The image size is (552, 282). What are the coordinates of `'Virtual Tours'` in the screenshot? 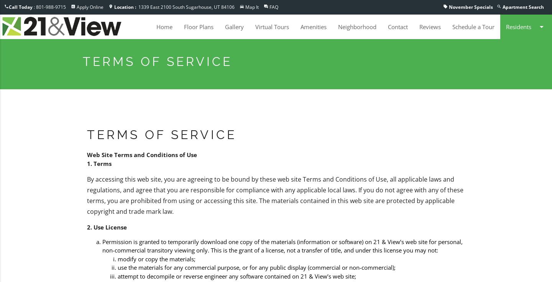 It's located at (255, 26).